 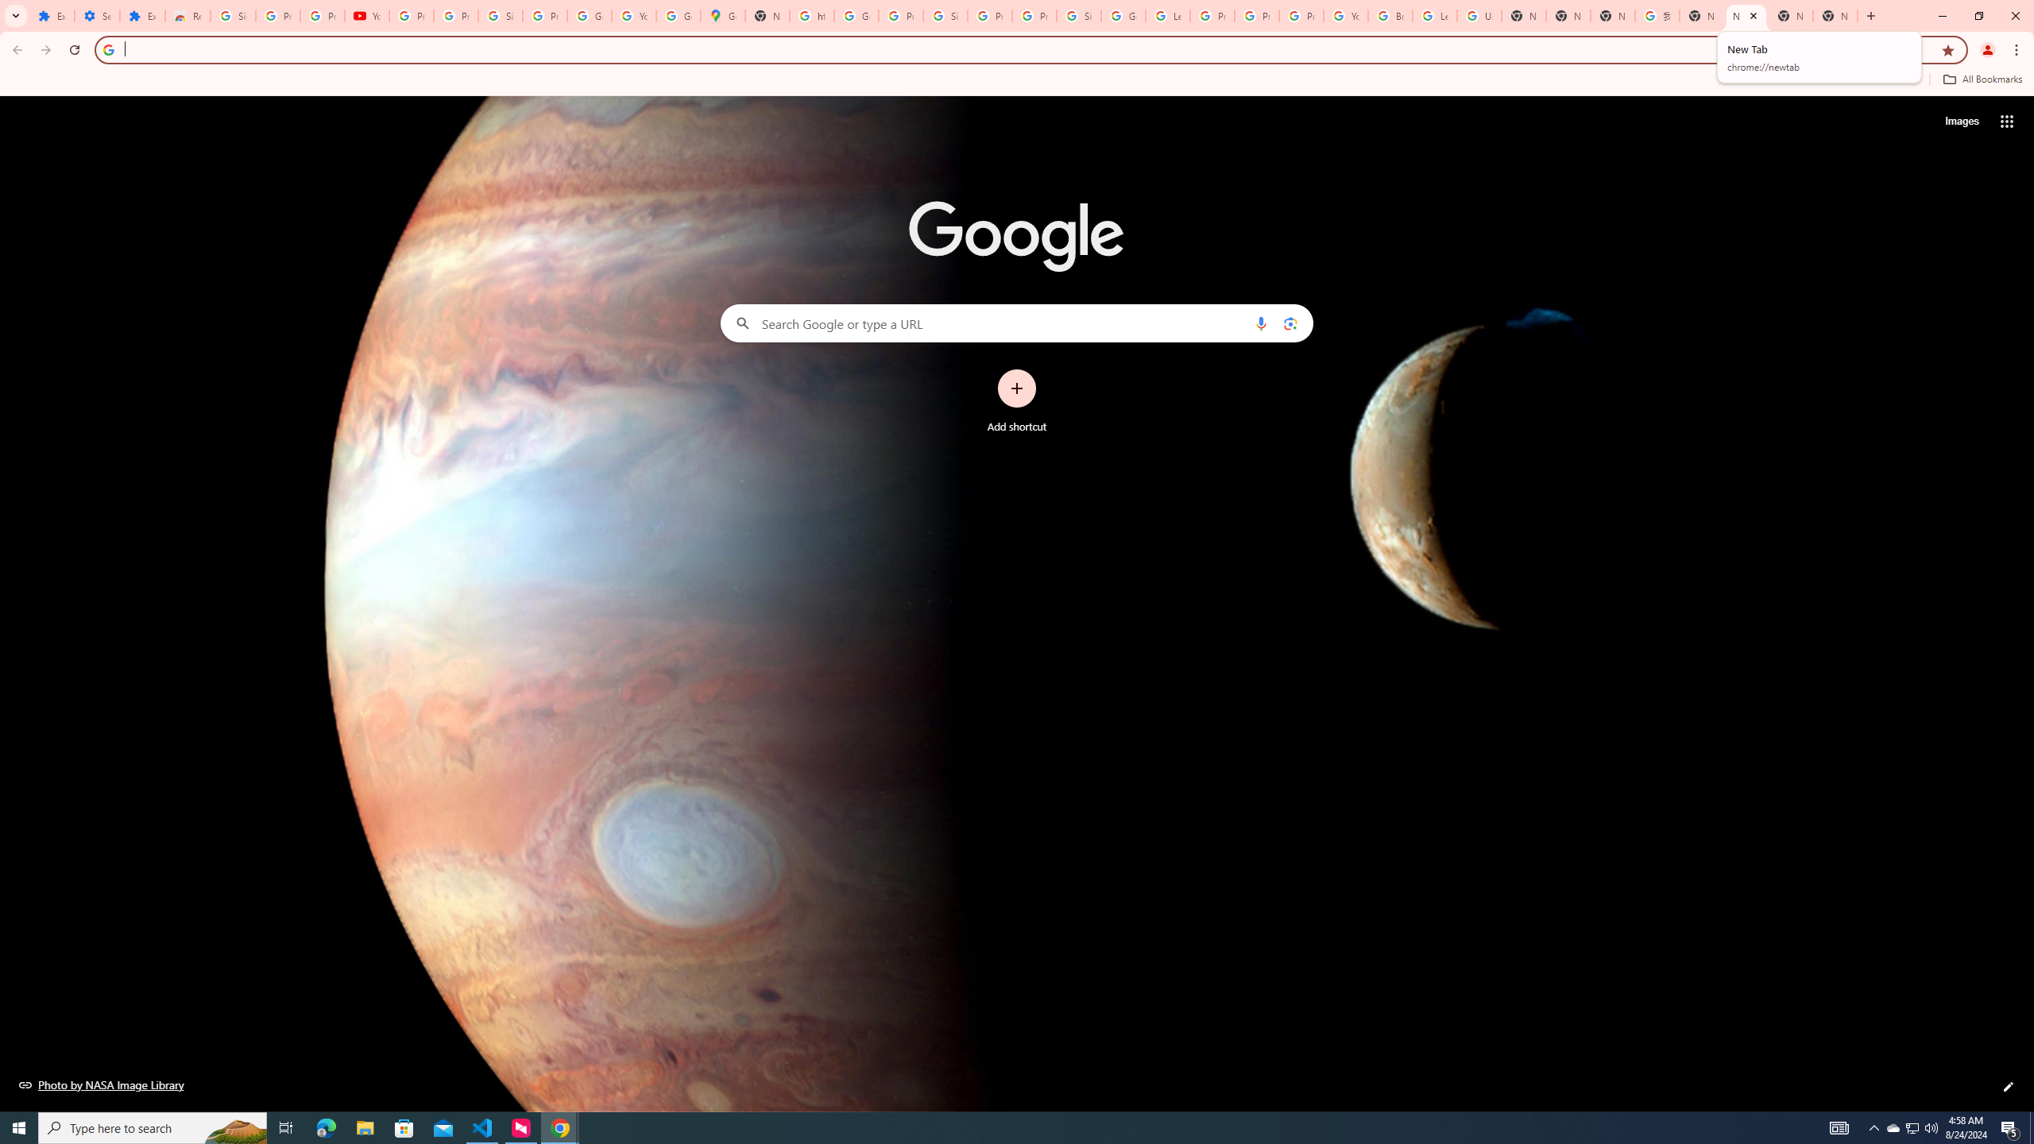 I want to click on 'Google Account', so click(x=589, y=15).